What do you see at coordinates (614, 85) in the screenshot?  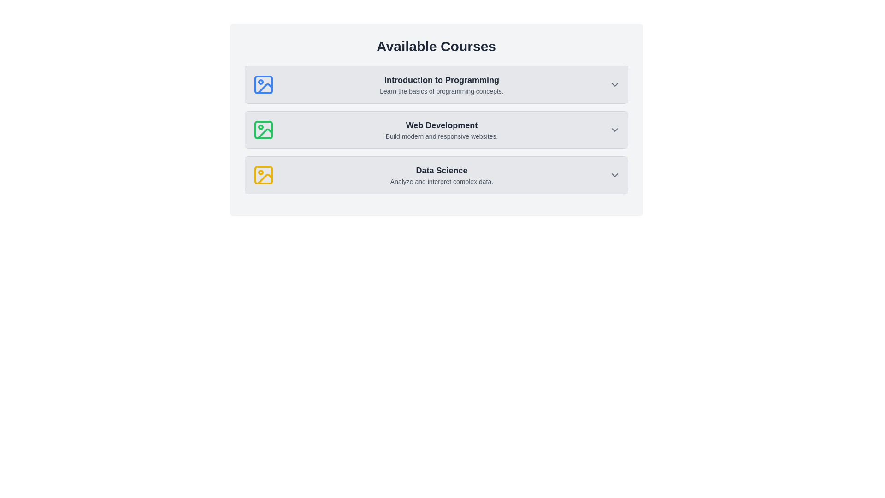 I see `the chevron-down icon (SVG component) located at the far right of the 'Introduction to Programming' card` at bounding box center [614, 85].